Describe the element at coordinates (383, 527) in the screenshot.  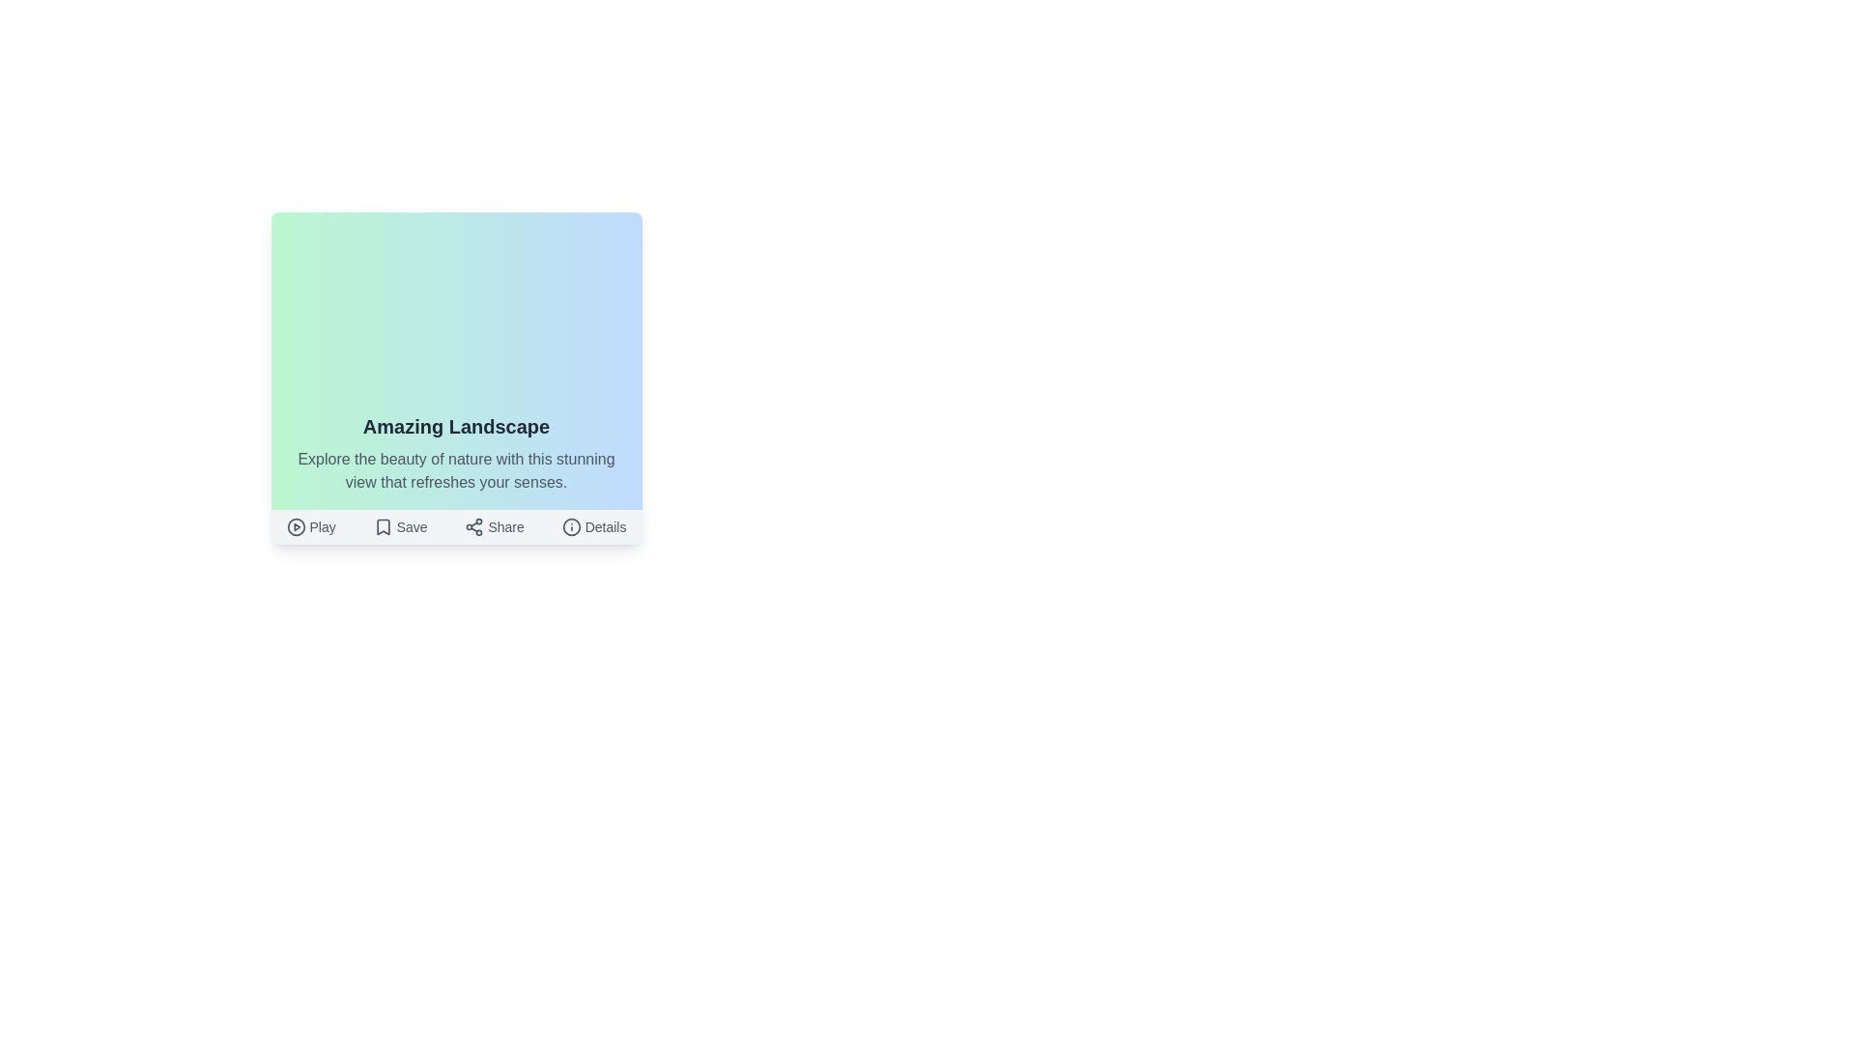
I see `the bookmark-shaped SVG icon located next to the 'Save' text` at that location.